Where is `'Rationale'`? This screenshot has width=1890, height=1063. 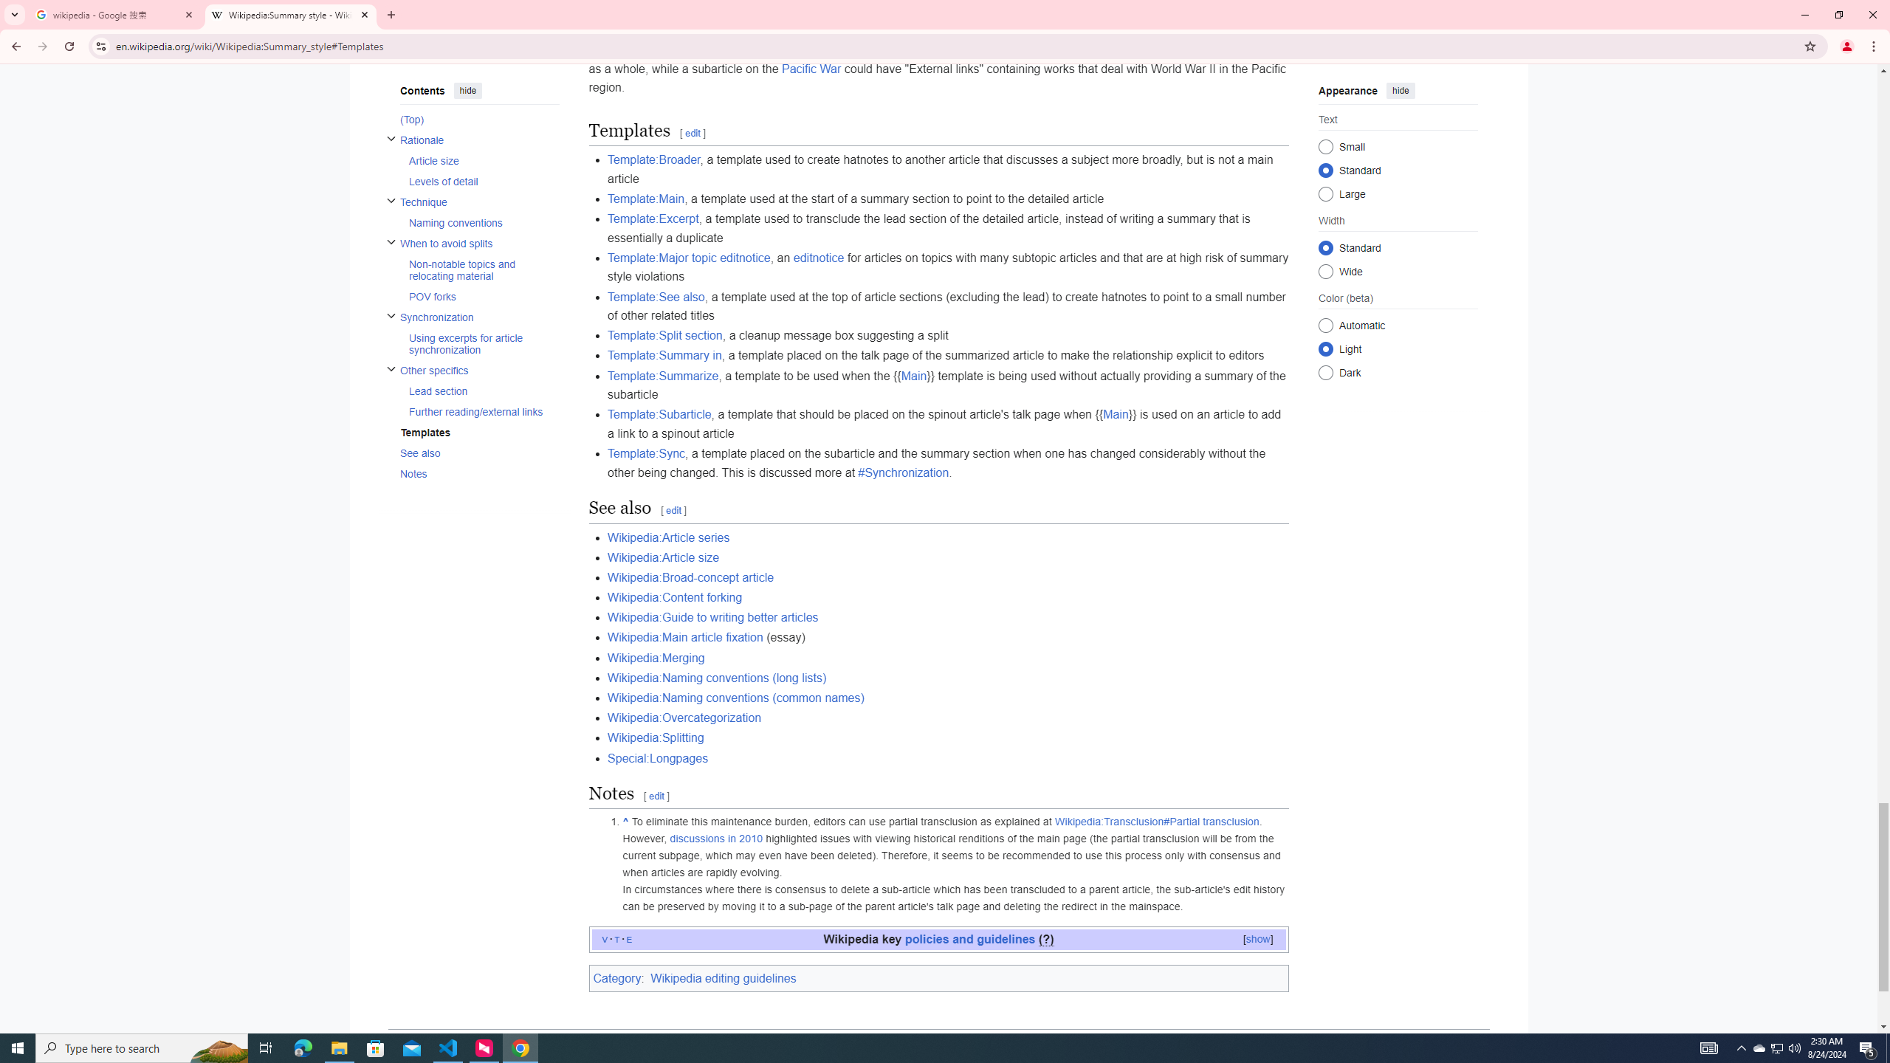
'Rationale' is located at coordinates (478, 140).